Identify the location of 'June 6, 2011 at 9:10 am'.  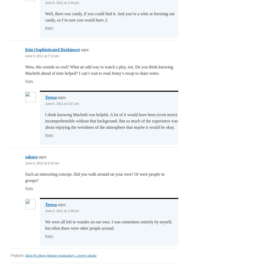
(42, 163).